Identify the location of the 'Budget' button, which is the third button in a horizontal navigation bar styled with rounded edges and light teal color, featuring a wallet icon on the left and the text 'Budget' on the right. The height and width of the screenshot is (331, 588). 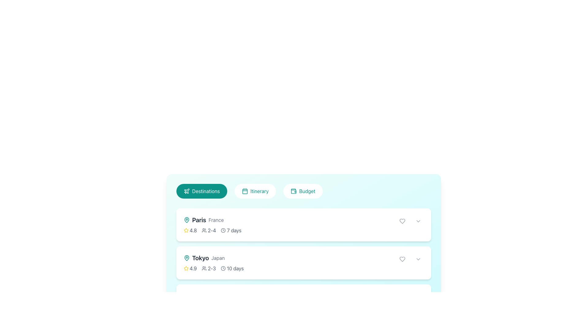
(303, 191).